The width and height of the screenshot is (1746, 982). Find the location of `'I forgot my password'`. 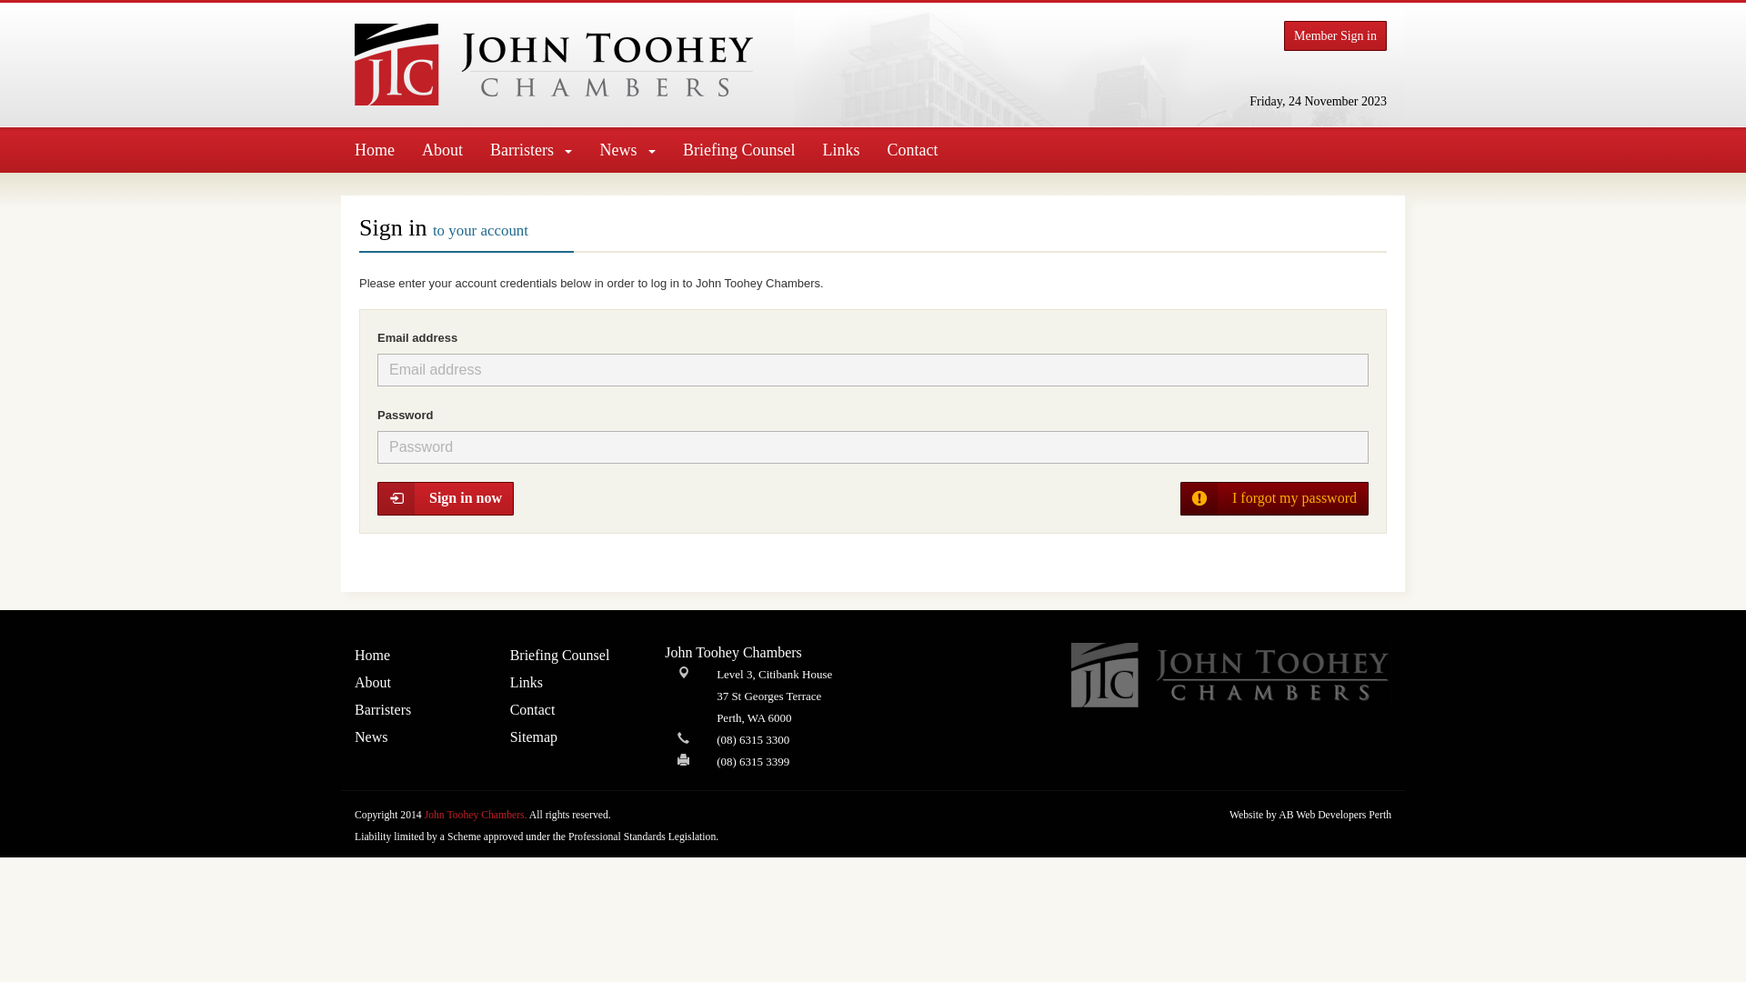

'I forgot my password' is located at coordinates (1179, 498).